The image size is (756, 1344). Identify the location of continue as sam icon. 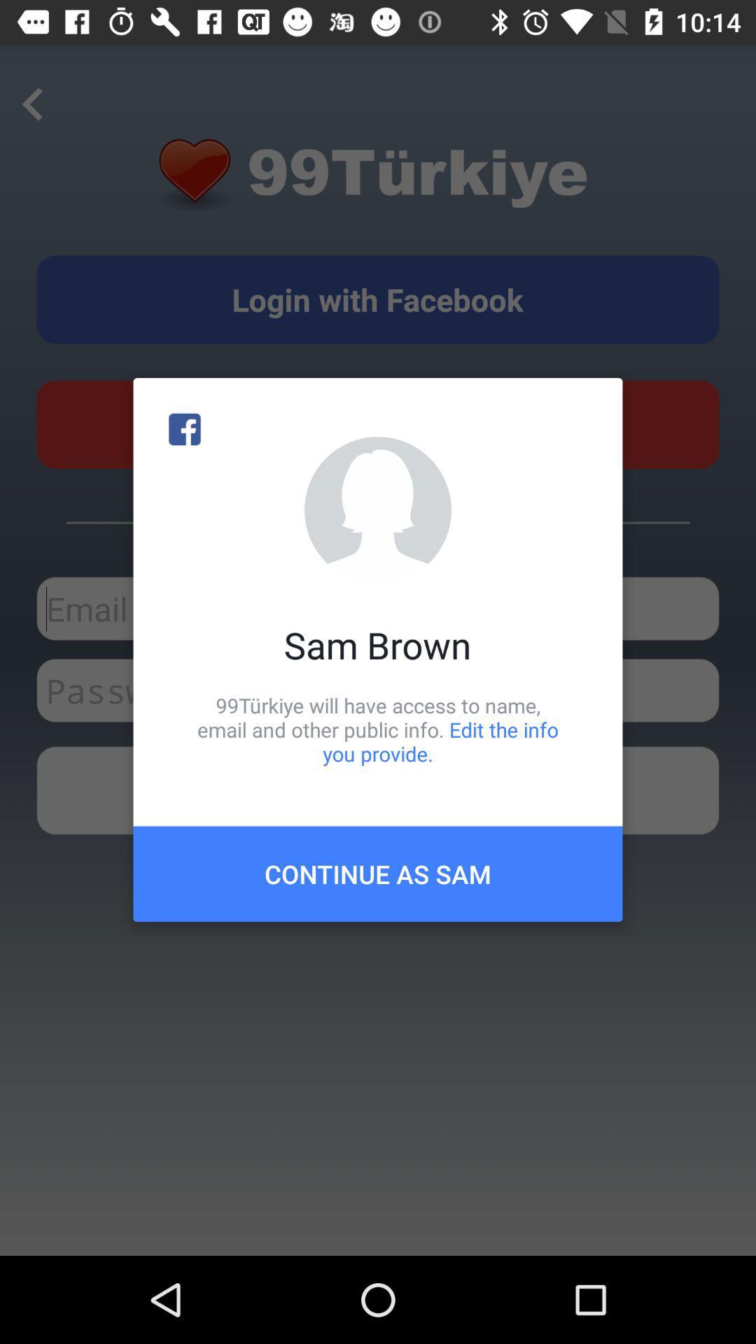
(378, 873).